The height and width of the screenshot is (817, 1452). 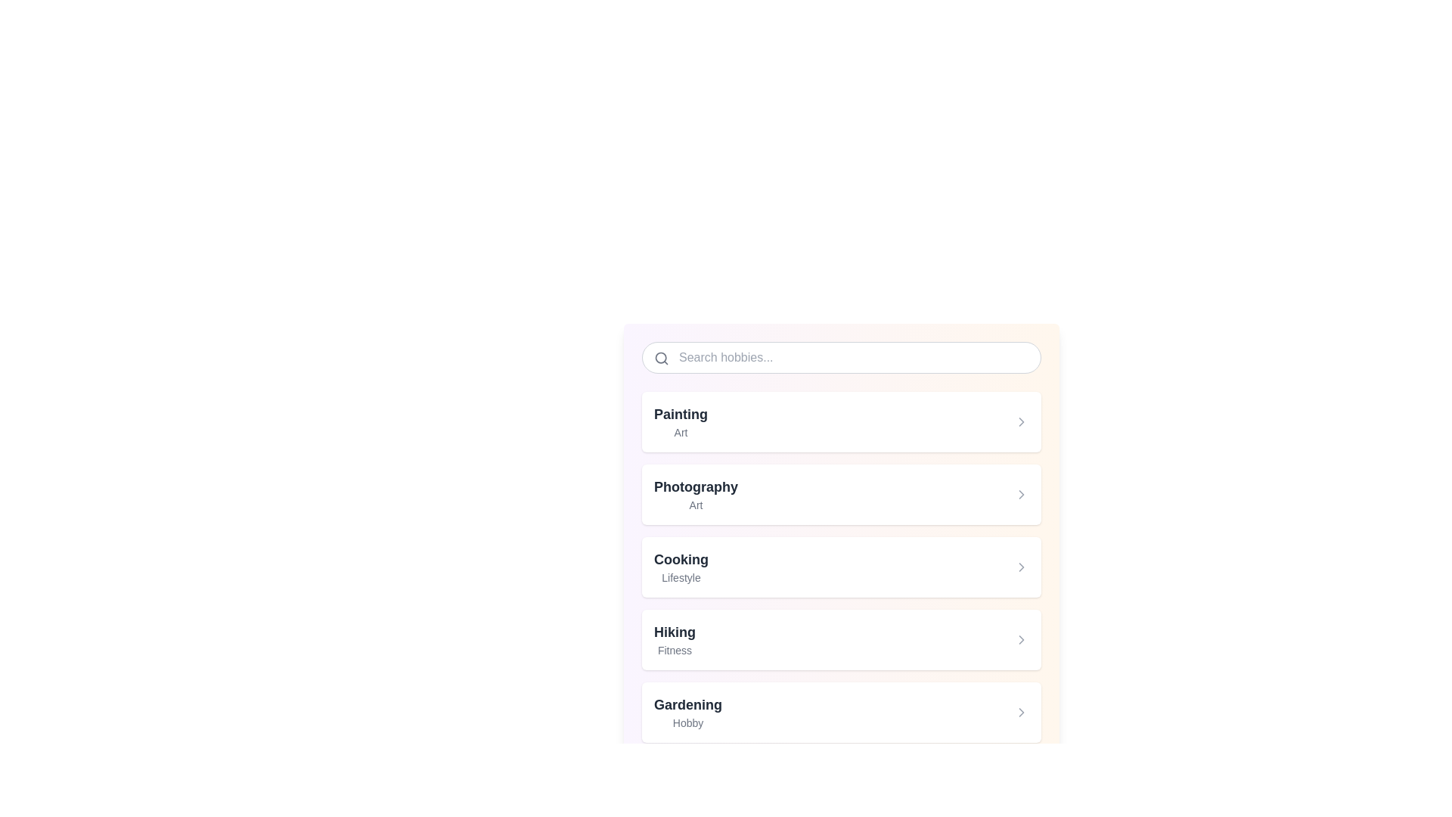 I want to click on the 'Gardening' label/button which features 'Gardening' in bold text and 'Hobby' in smaller text beneath it, located at the bottom of the list, so click(x=687, y=712).